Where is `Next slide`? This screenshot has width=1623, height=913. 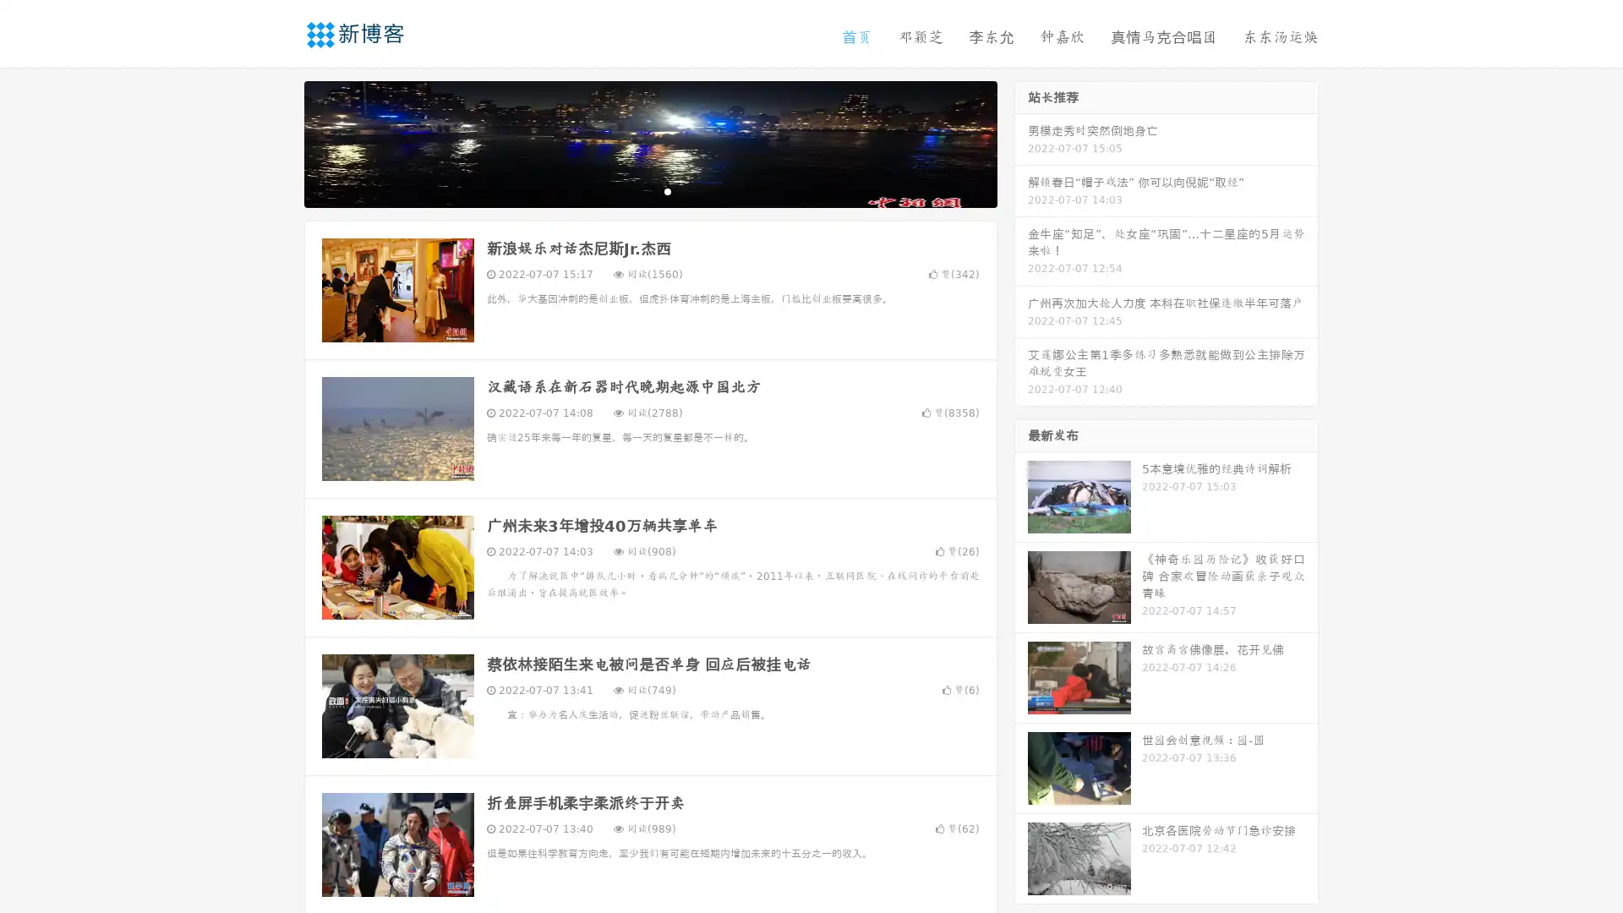 Next slide is located at coordinates (1021, 142).